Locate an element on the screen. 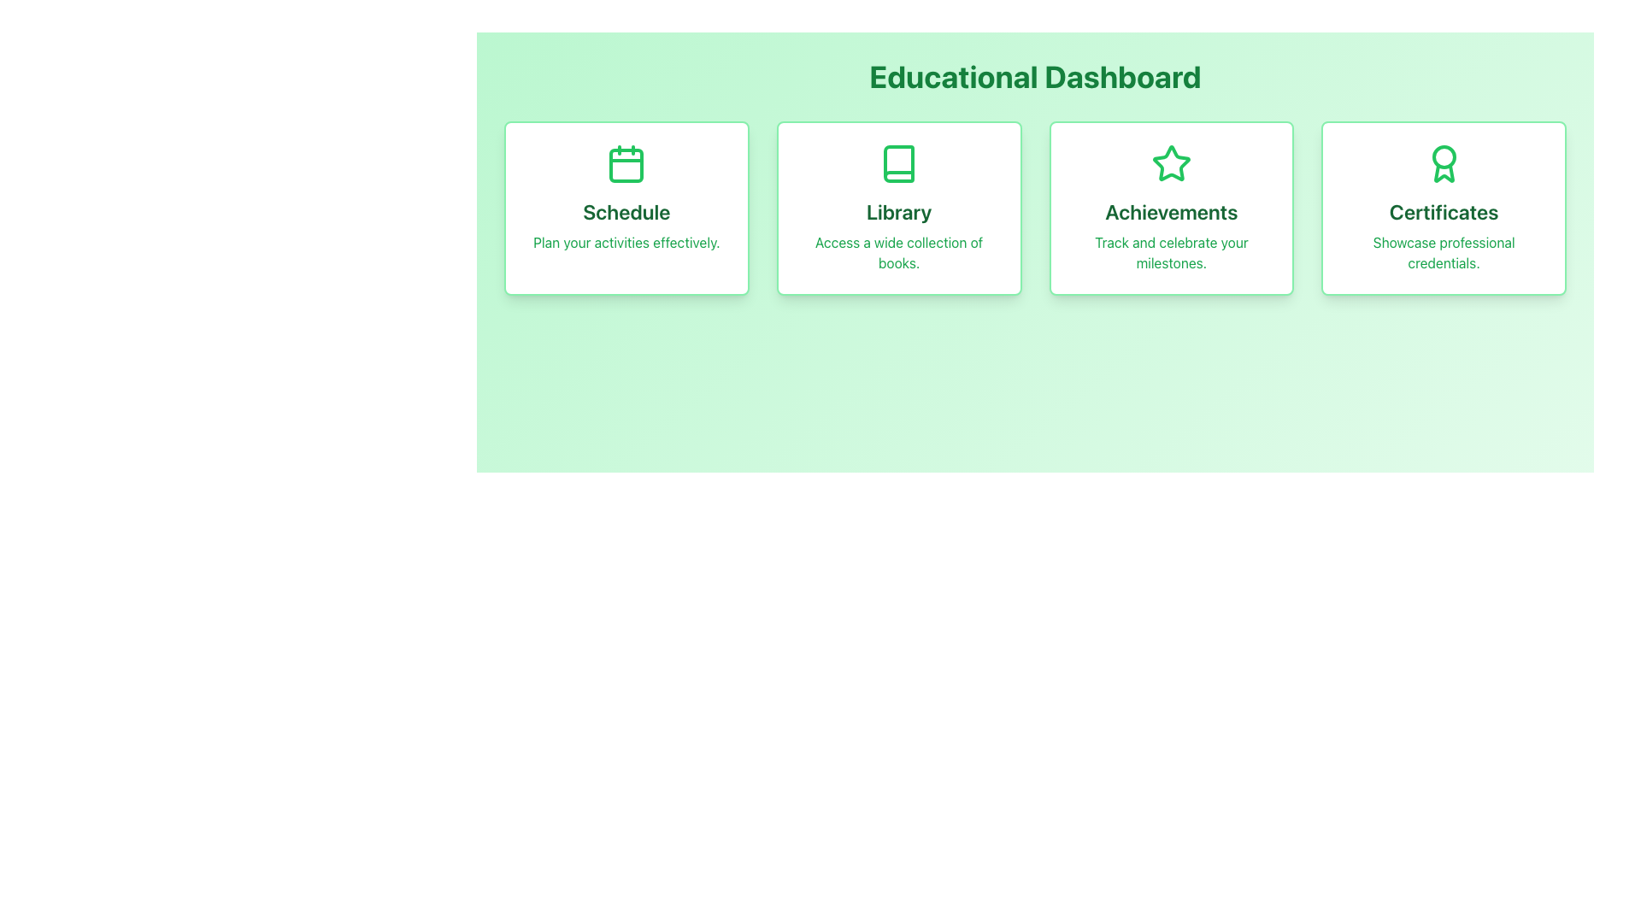 The height and width of the screenshot is (923, 1641). the descriptive message element located within the 'Achievements' card, which is centered beneath the title 'Achievements' is located at coordinates (1170, 253).